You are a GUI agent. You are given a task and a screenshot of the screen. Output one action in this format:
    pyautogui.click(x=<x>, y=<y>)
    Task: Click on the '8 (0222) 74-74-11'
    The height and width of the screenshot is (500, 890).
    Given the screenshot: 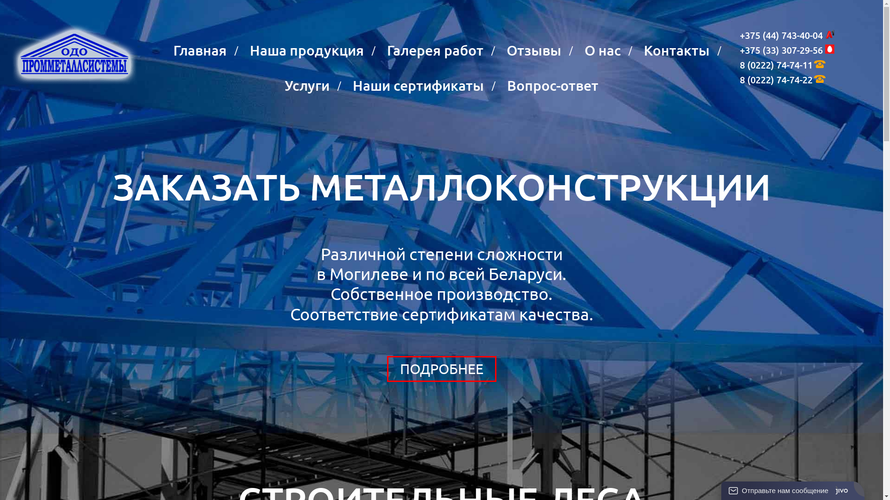 What is the action you would take?
    pyautogui.click(x=776, y=64)
    